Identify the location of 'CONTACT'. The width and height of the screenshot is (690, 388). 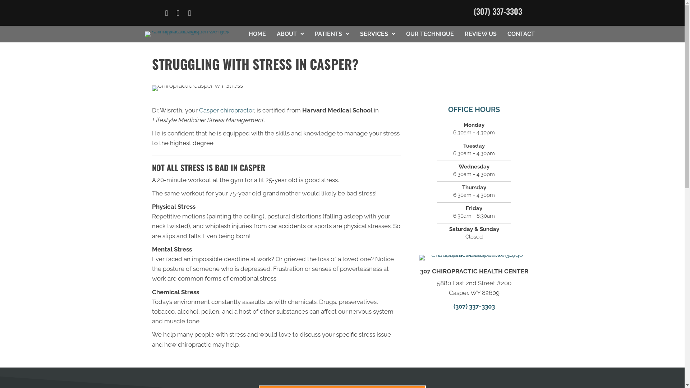
(521, 34).